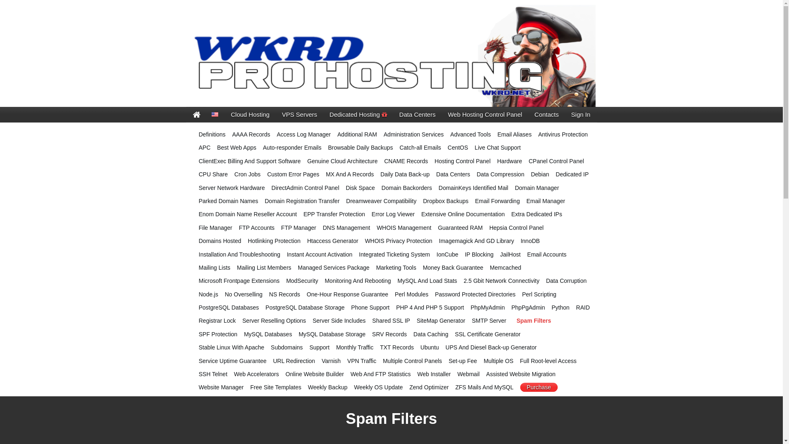 This screenshot has width=789, height=444. Describe the element at coordinates (292, 147) in the screenshot. I see `'Auto-responder Emails'` at that location.